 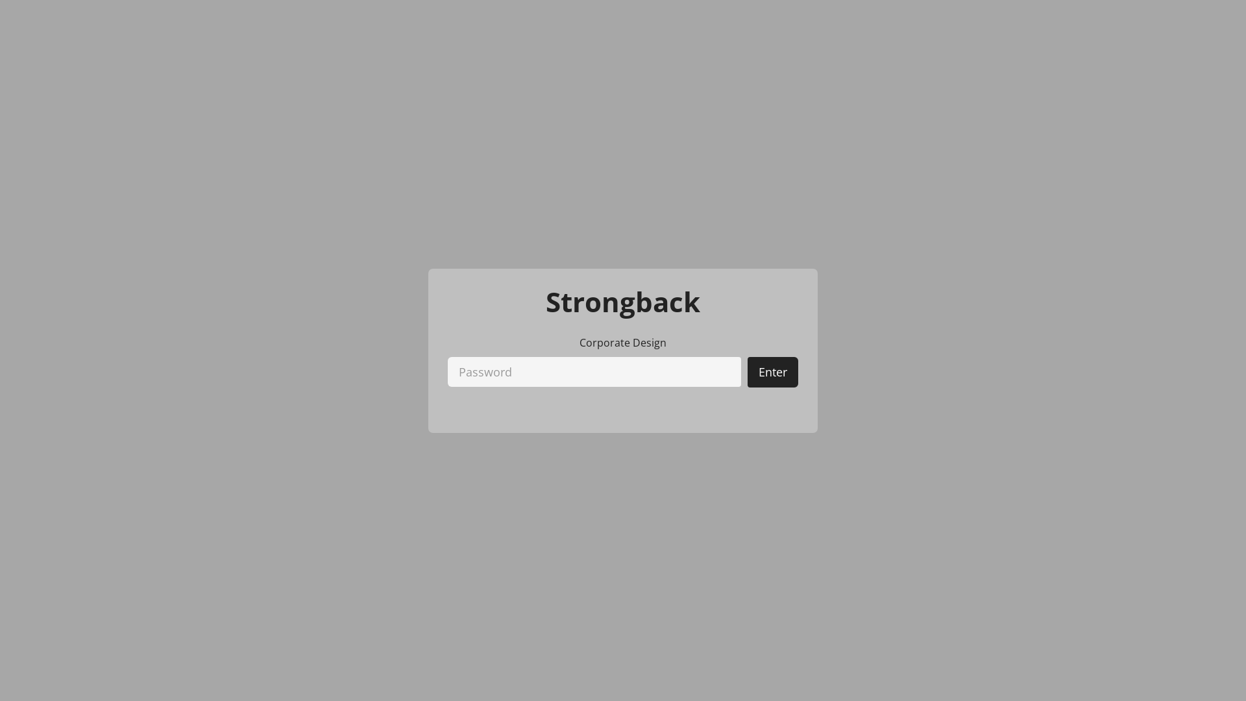 What do you see at coordinates (772, 372) in the screenshot?
I see `'Enter'` at bounding box center [772, 372].